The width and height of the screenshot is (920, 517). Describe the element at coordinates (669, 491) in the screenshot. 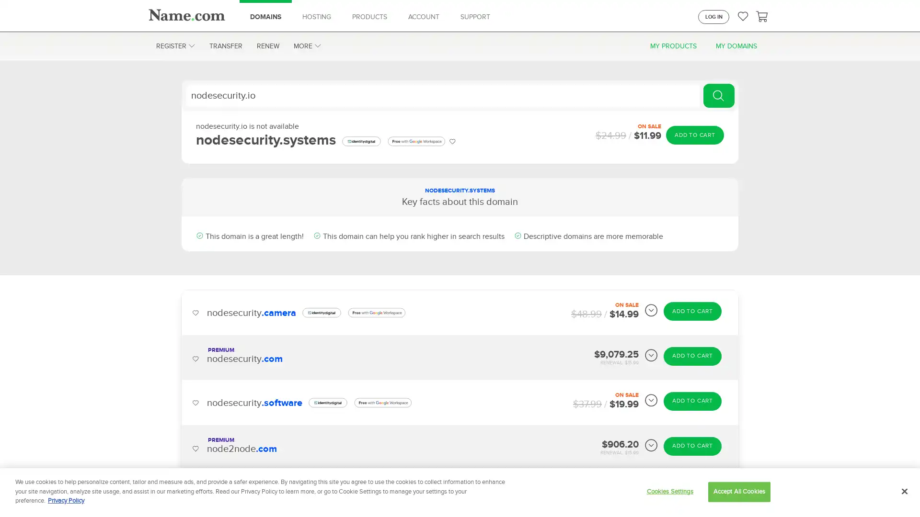

I see `Cookies Settings` at that location.